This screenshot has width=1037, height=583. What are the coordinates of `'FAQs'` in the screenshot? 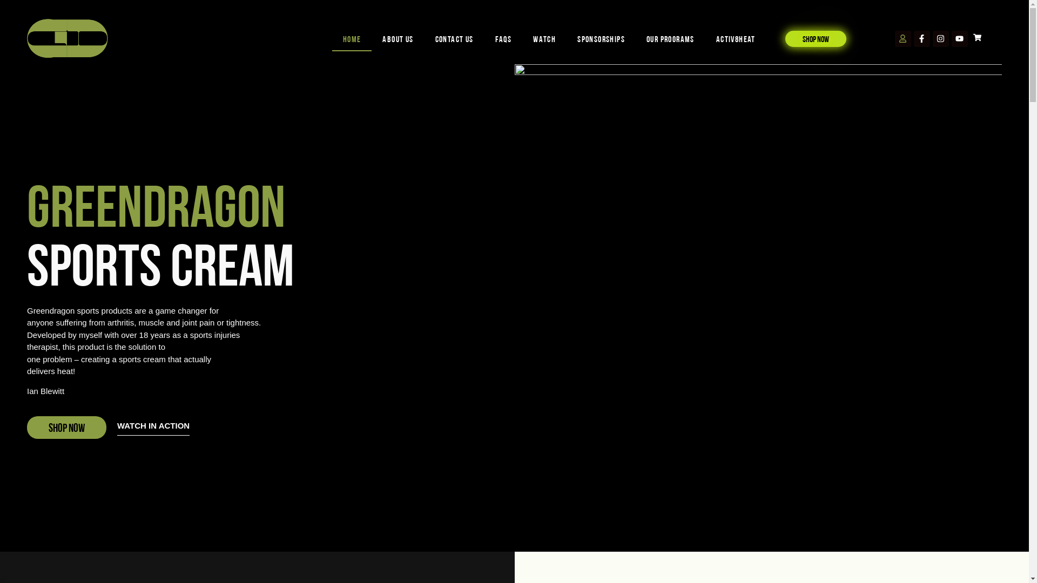 It's located at (503, 37).